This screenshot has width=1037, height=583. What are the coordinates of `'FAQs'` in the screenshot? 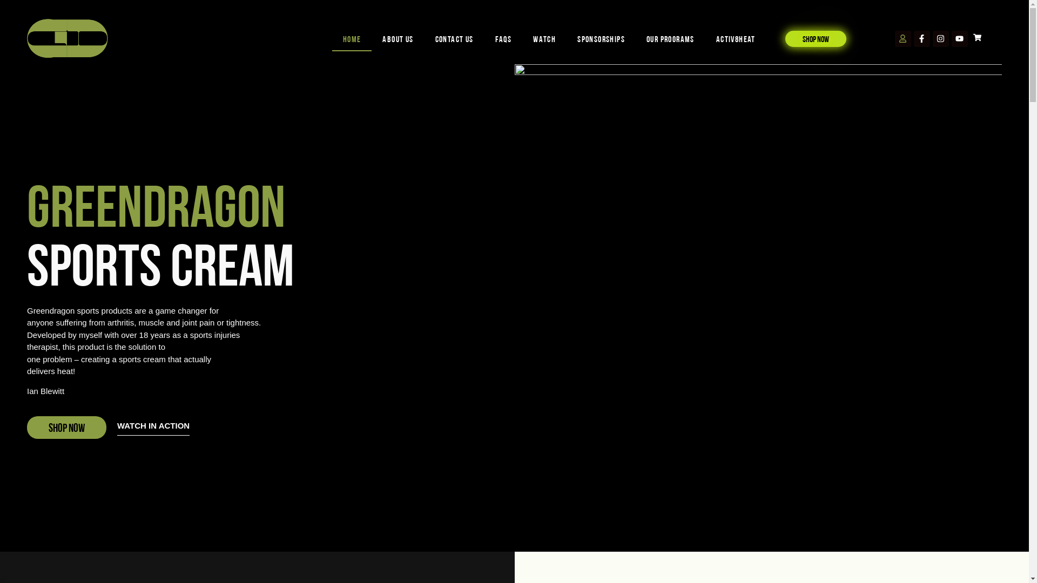 It's located at (503, 37).